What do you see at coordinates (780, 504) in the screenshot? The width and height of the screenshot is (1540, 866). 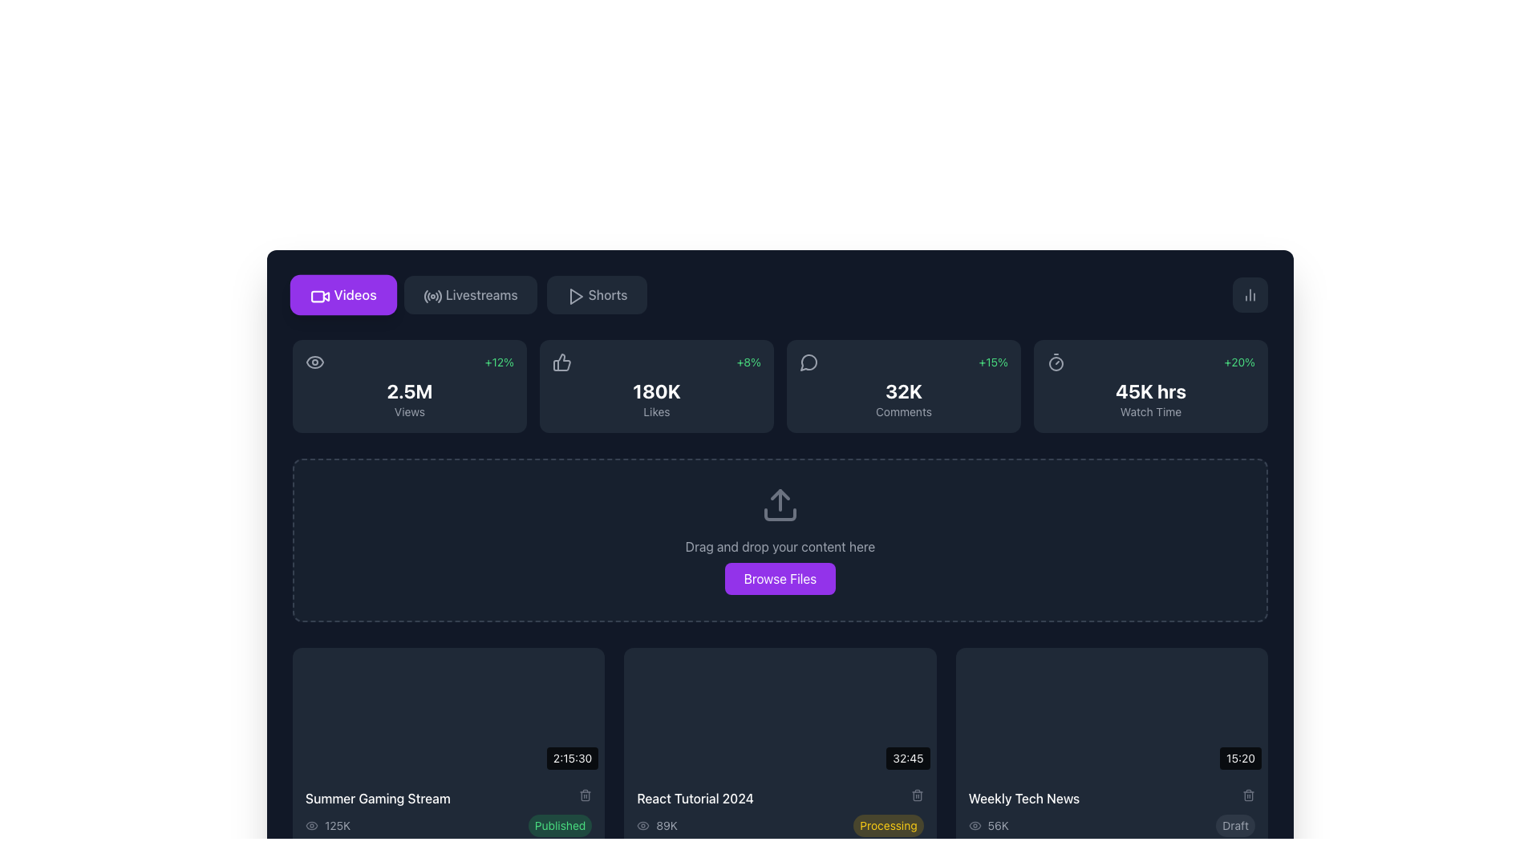 I see `the modern, minimalistic dark-themed upload icon located in the center of the drag-and-drop section` at bounding box center [780, 504].